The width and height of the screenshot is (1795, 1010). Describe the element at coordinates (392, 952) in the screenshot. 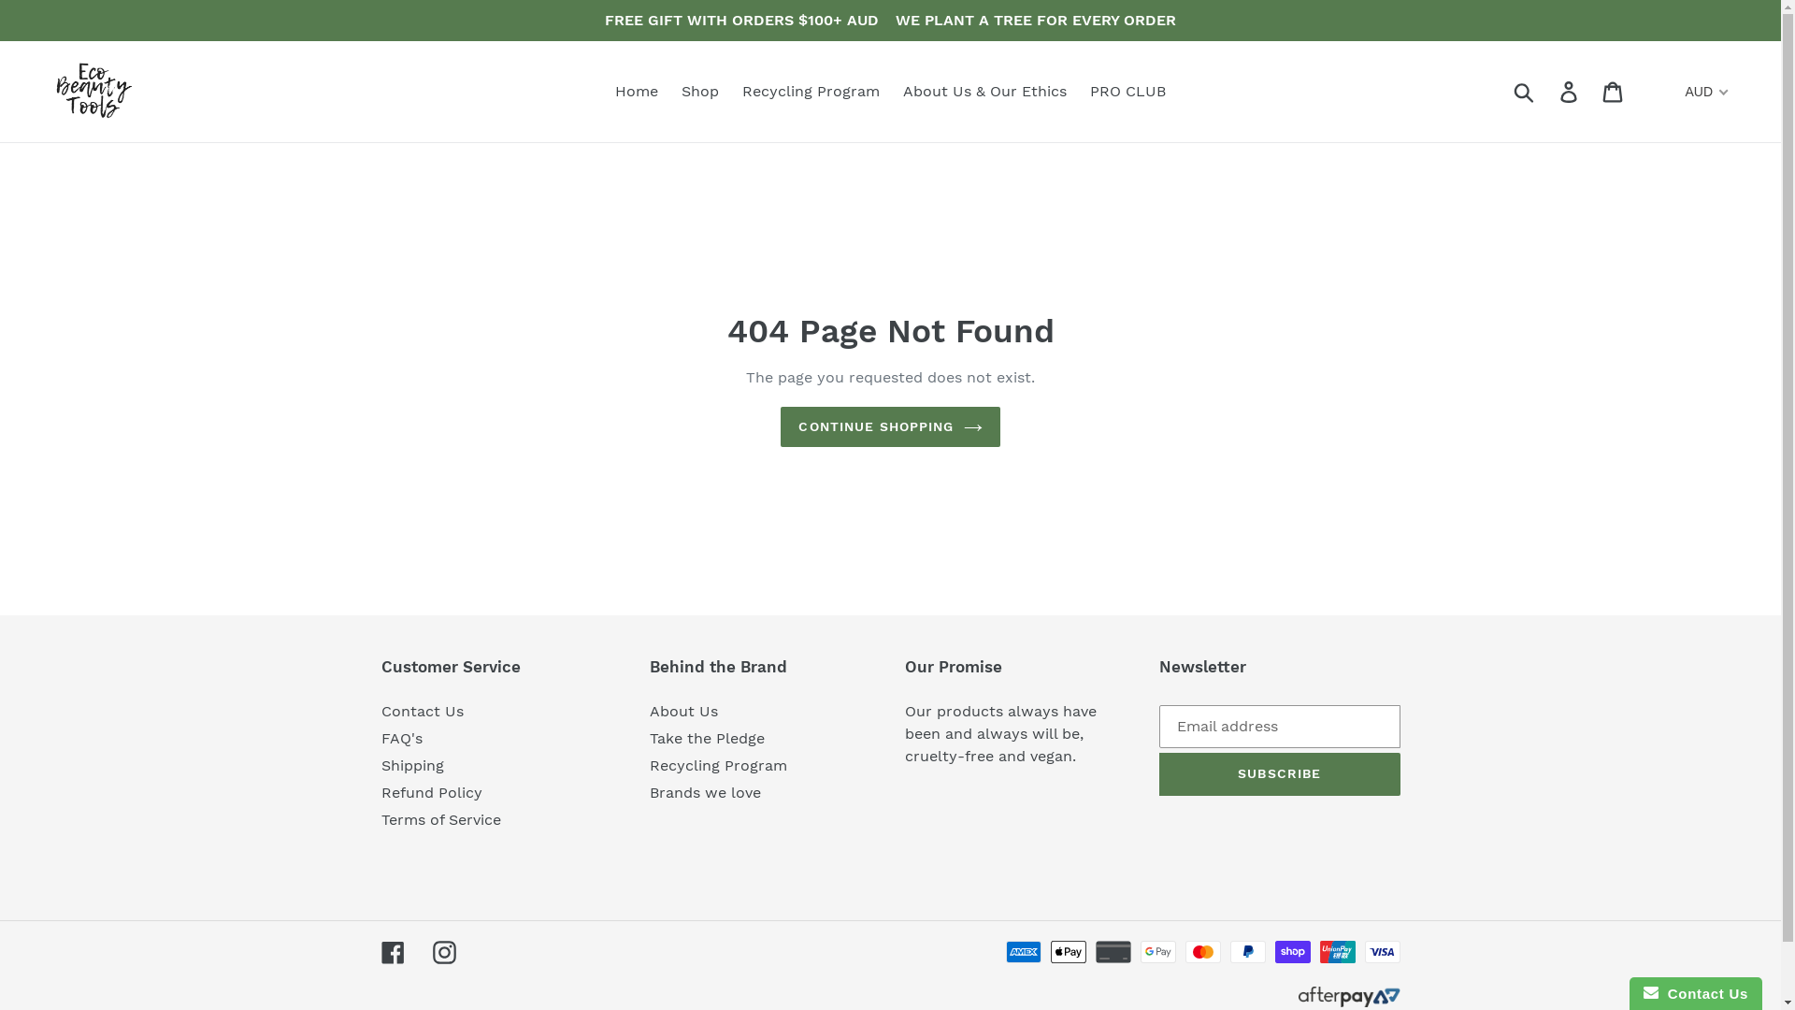

I see `'Facebook'` at that location.